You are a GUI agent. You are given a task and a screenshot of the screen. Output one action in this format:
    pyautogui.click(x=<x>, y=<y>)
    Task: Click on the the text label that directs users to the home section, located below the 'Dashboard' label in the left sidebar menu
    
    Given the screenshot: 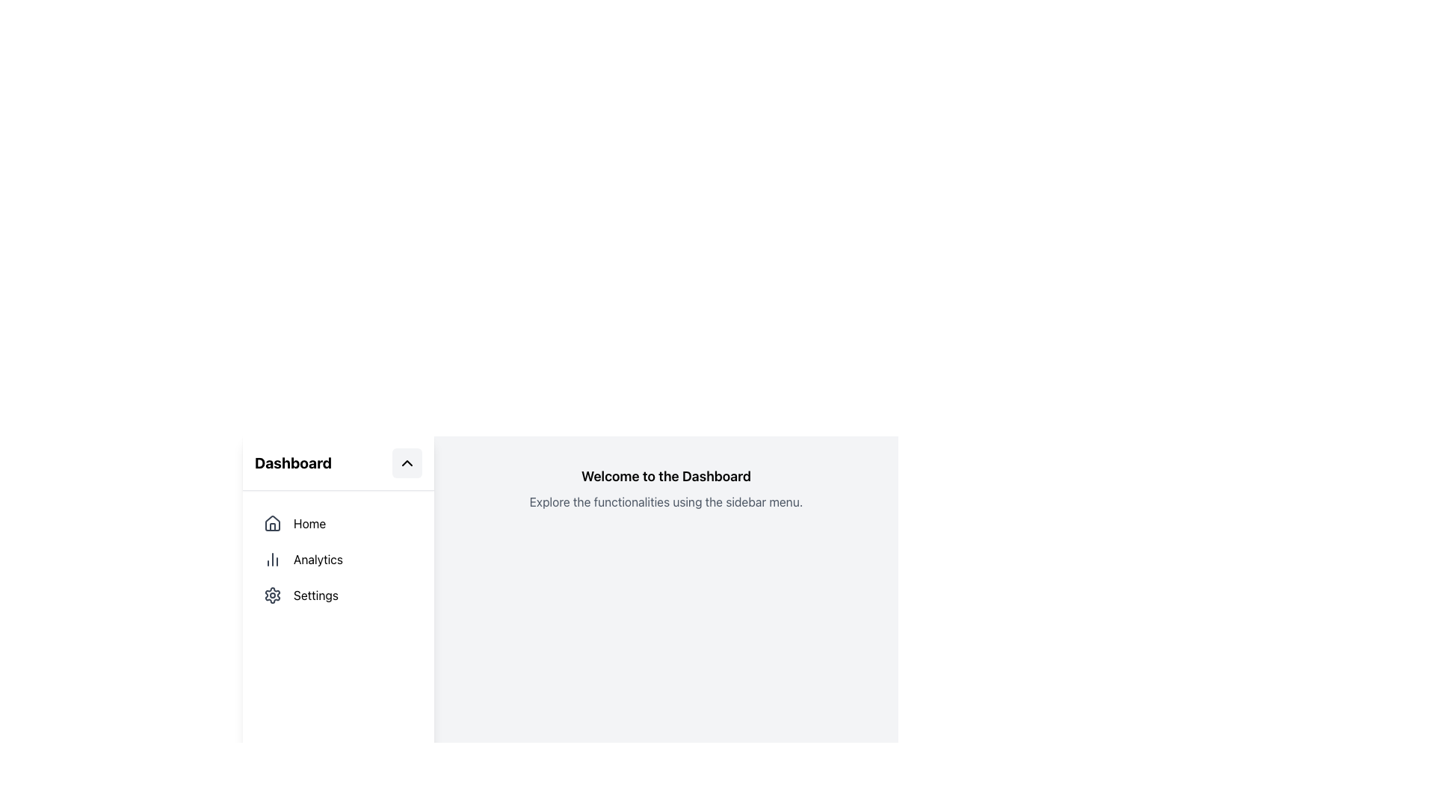 What is the action you would take?
    pyautogui.click(x=309, y=523)
    